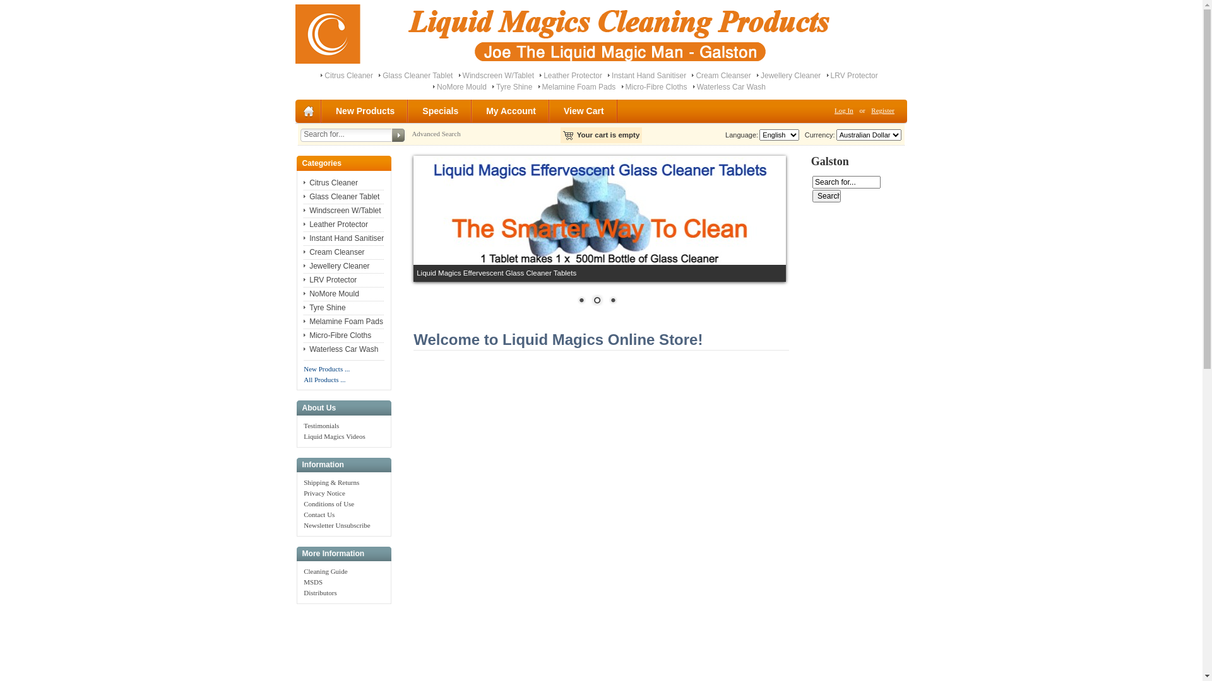 The width and height of the screenshot is (1212, 681). What do you see at coordinates (581, 301) in the screenshot?
I see `'1'` at bounding box center [581, 301].